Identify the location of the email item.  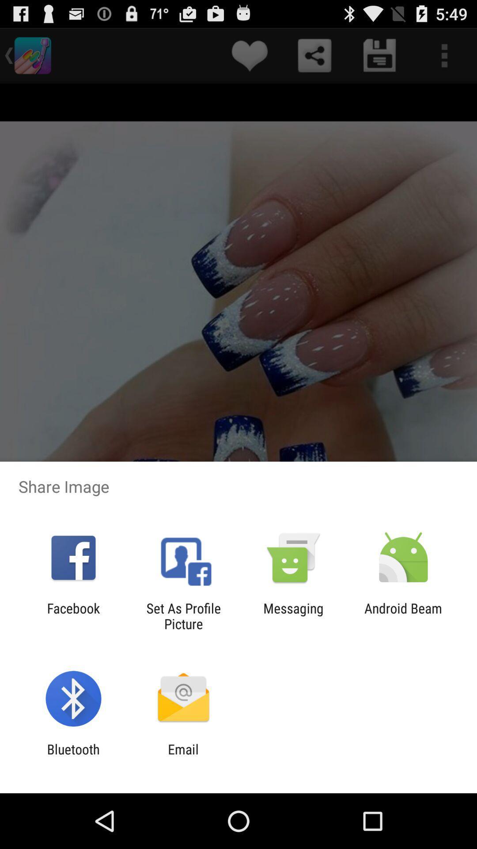
(183, 757).